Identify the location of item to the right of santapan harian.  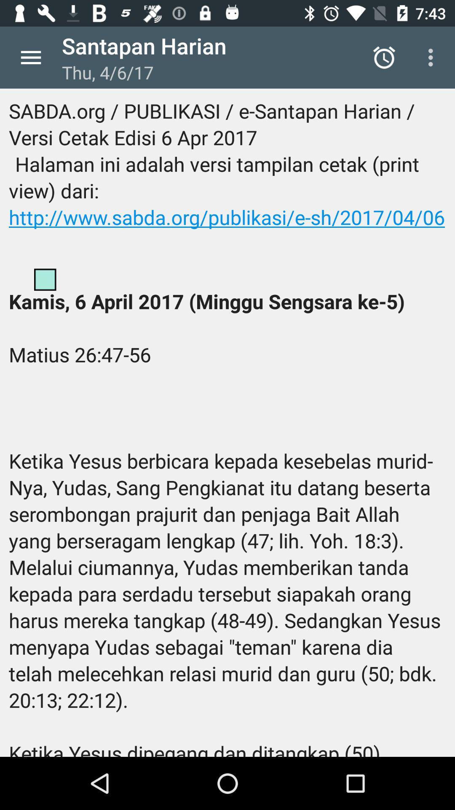
(384, 57).